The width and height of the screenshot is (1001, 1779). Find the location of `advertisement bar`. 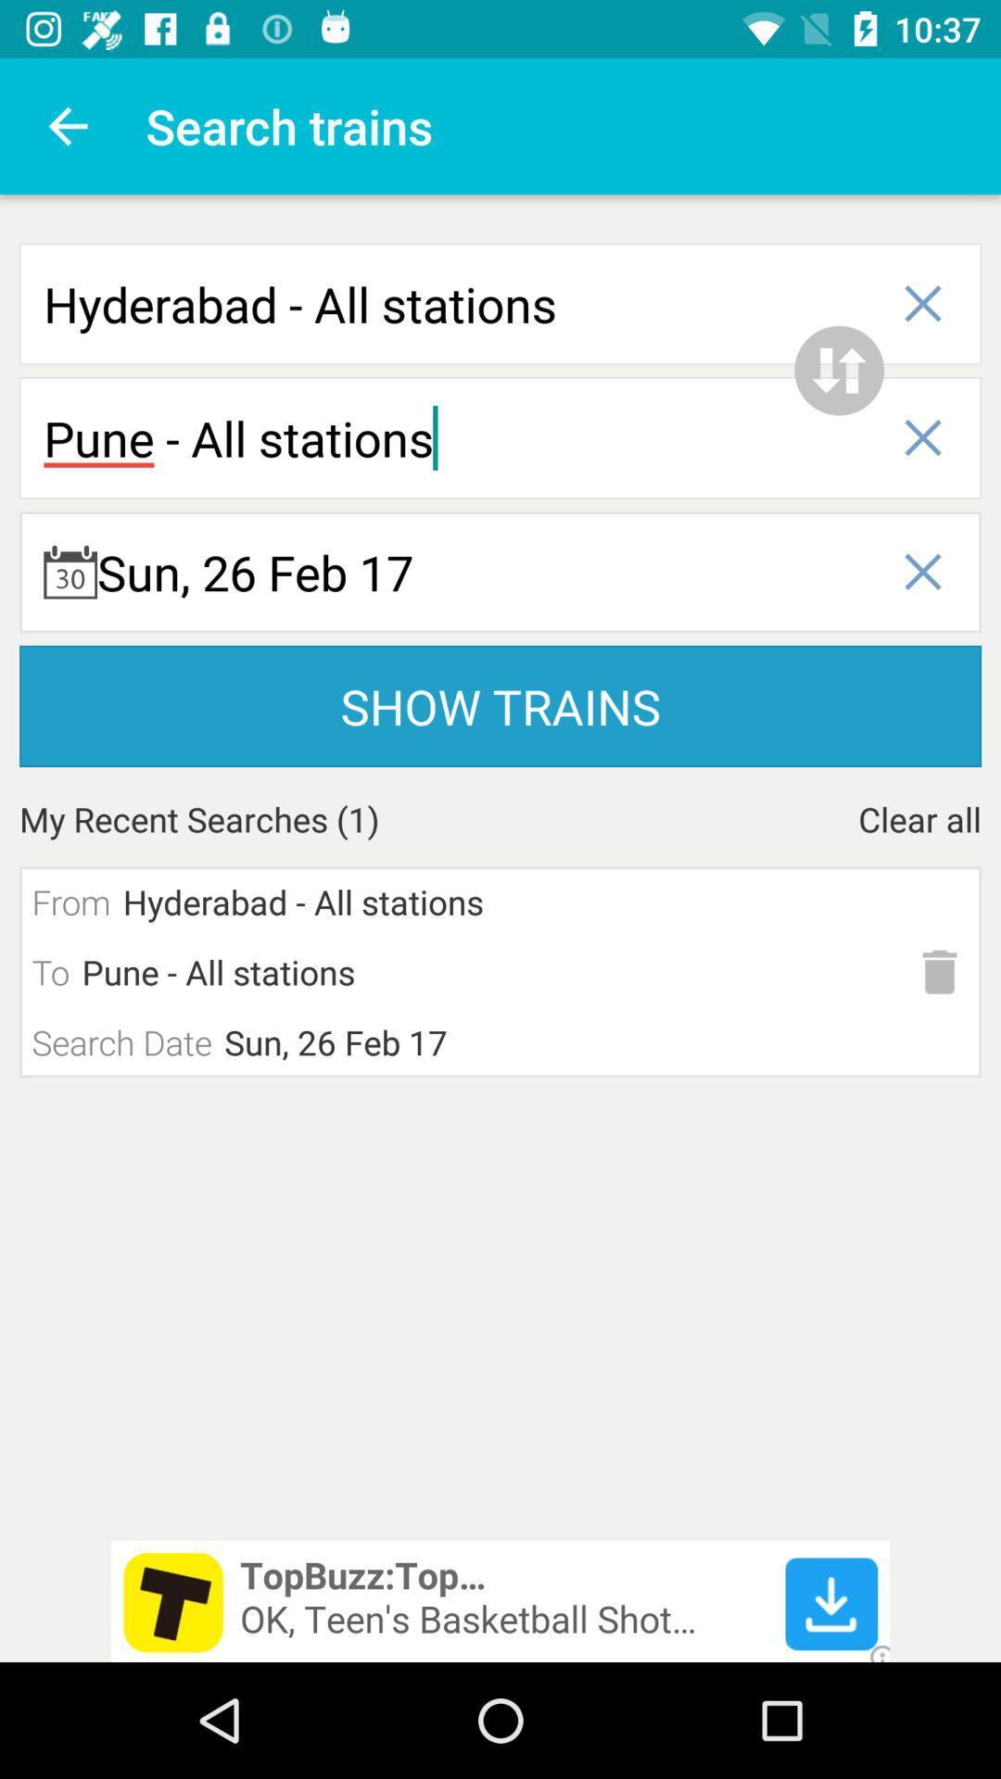

advertisement bar is located at coordinates (500, 1600).